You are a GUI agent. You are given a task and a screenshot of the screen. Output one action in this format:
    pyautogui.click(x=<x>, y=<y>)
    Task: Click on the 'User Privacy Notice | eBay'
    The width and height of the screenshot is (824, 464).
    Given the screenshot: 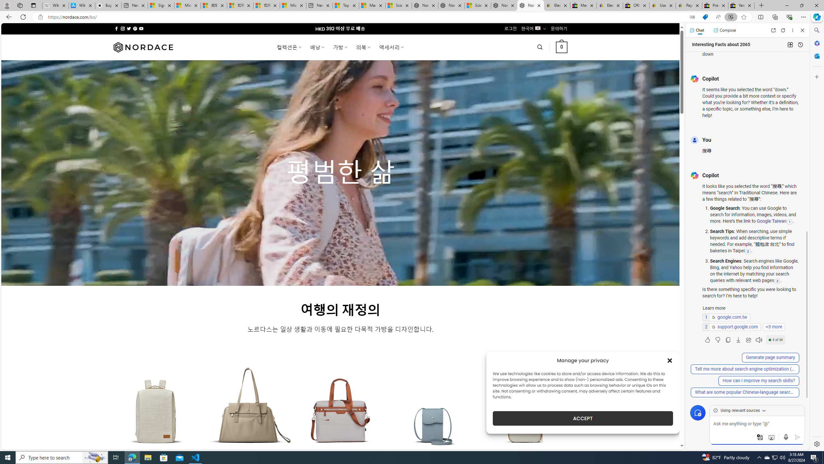 What is the action you would take?
    pyautogui.click(x=662, y=5)
    